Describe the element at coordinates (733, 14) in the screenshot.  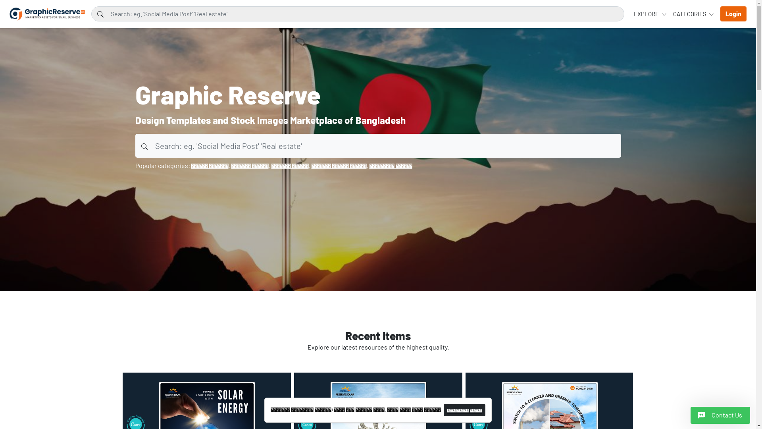
I see `'Login'` at that location.